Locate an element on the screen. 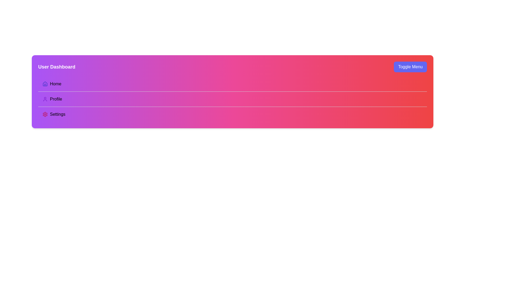 The height and width of the screenshot is (288, 513). the house-shaped icon rendered in a minimalist style with a purple color, located next to the label 'Home' is located at coordinates (45, 84).